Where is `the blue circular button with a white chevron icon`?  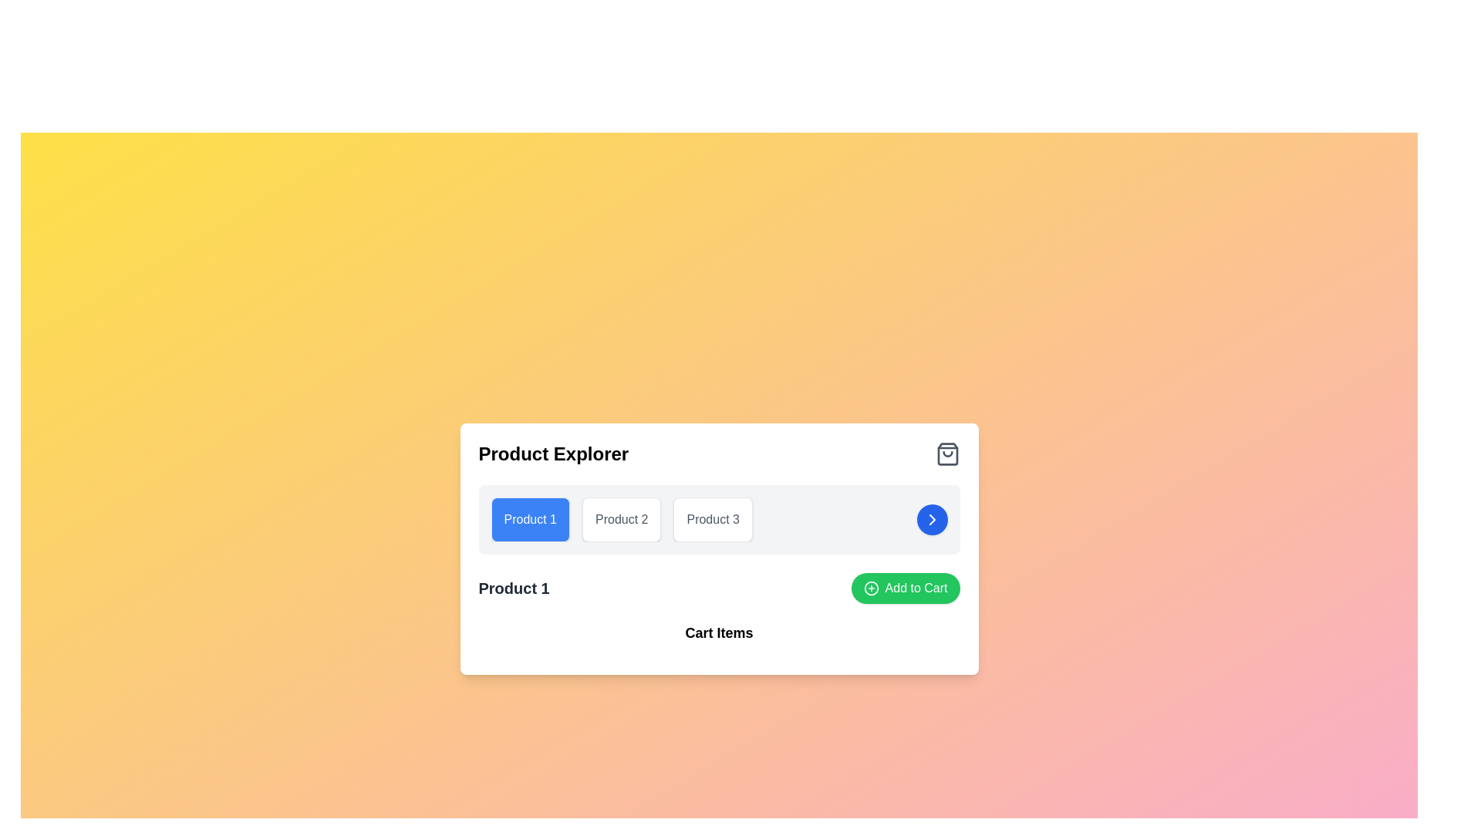
the blue circular button with a white chevron icon is located at coordinates (931, 520).